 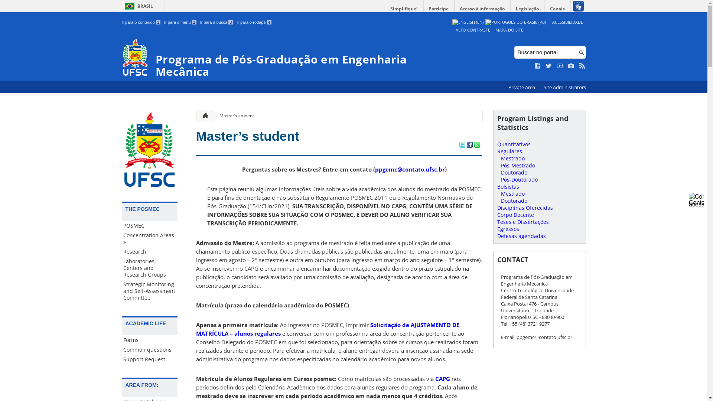 I want to click on 'Siga no Twitter', so click(x=549, y=65).